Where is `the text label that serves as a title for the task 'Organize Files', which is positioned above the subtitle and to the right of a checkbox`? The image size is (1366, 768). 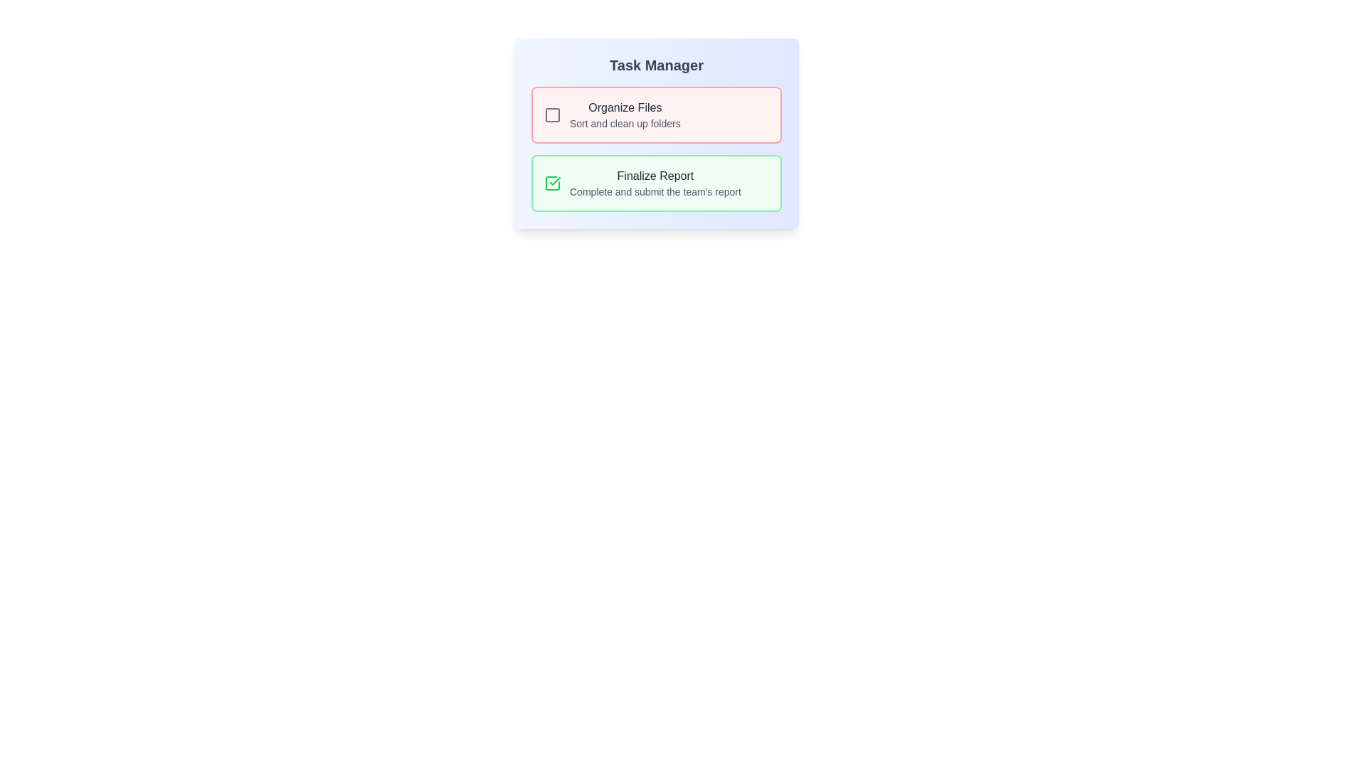
the text label that serves as a title for the task 'Organize Files', which is positioned above the subtitle and to the right of a checkbox is located at coordinates (625, 107).